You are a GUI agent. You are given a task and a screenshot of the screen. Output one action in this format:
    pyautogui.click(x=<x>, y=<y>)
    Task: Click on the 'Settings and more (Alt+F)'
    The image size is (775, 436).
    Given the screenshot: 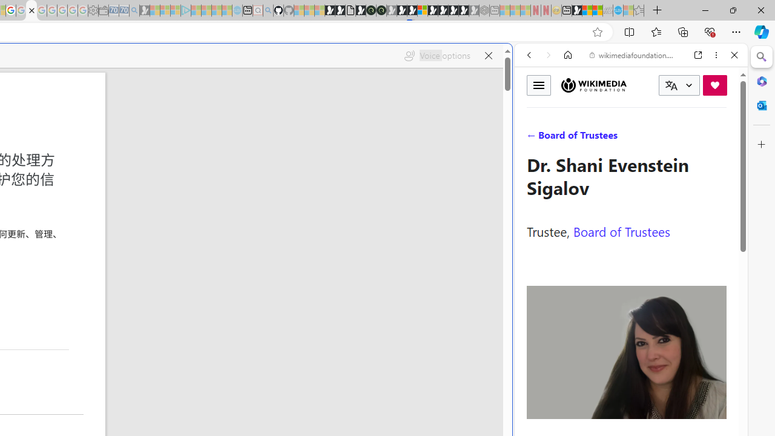 What is the action you would take?
    pyautogui.click(x=736, y=31)
    